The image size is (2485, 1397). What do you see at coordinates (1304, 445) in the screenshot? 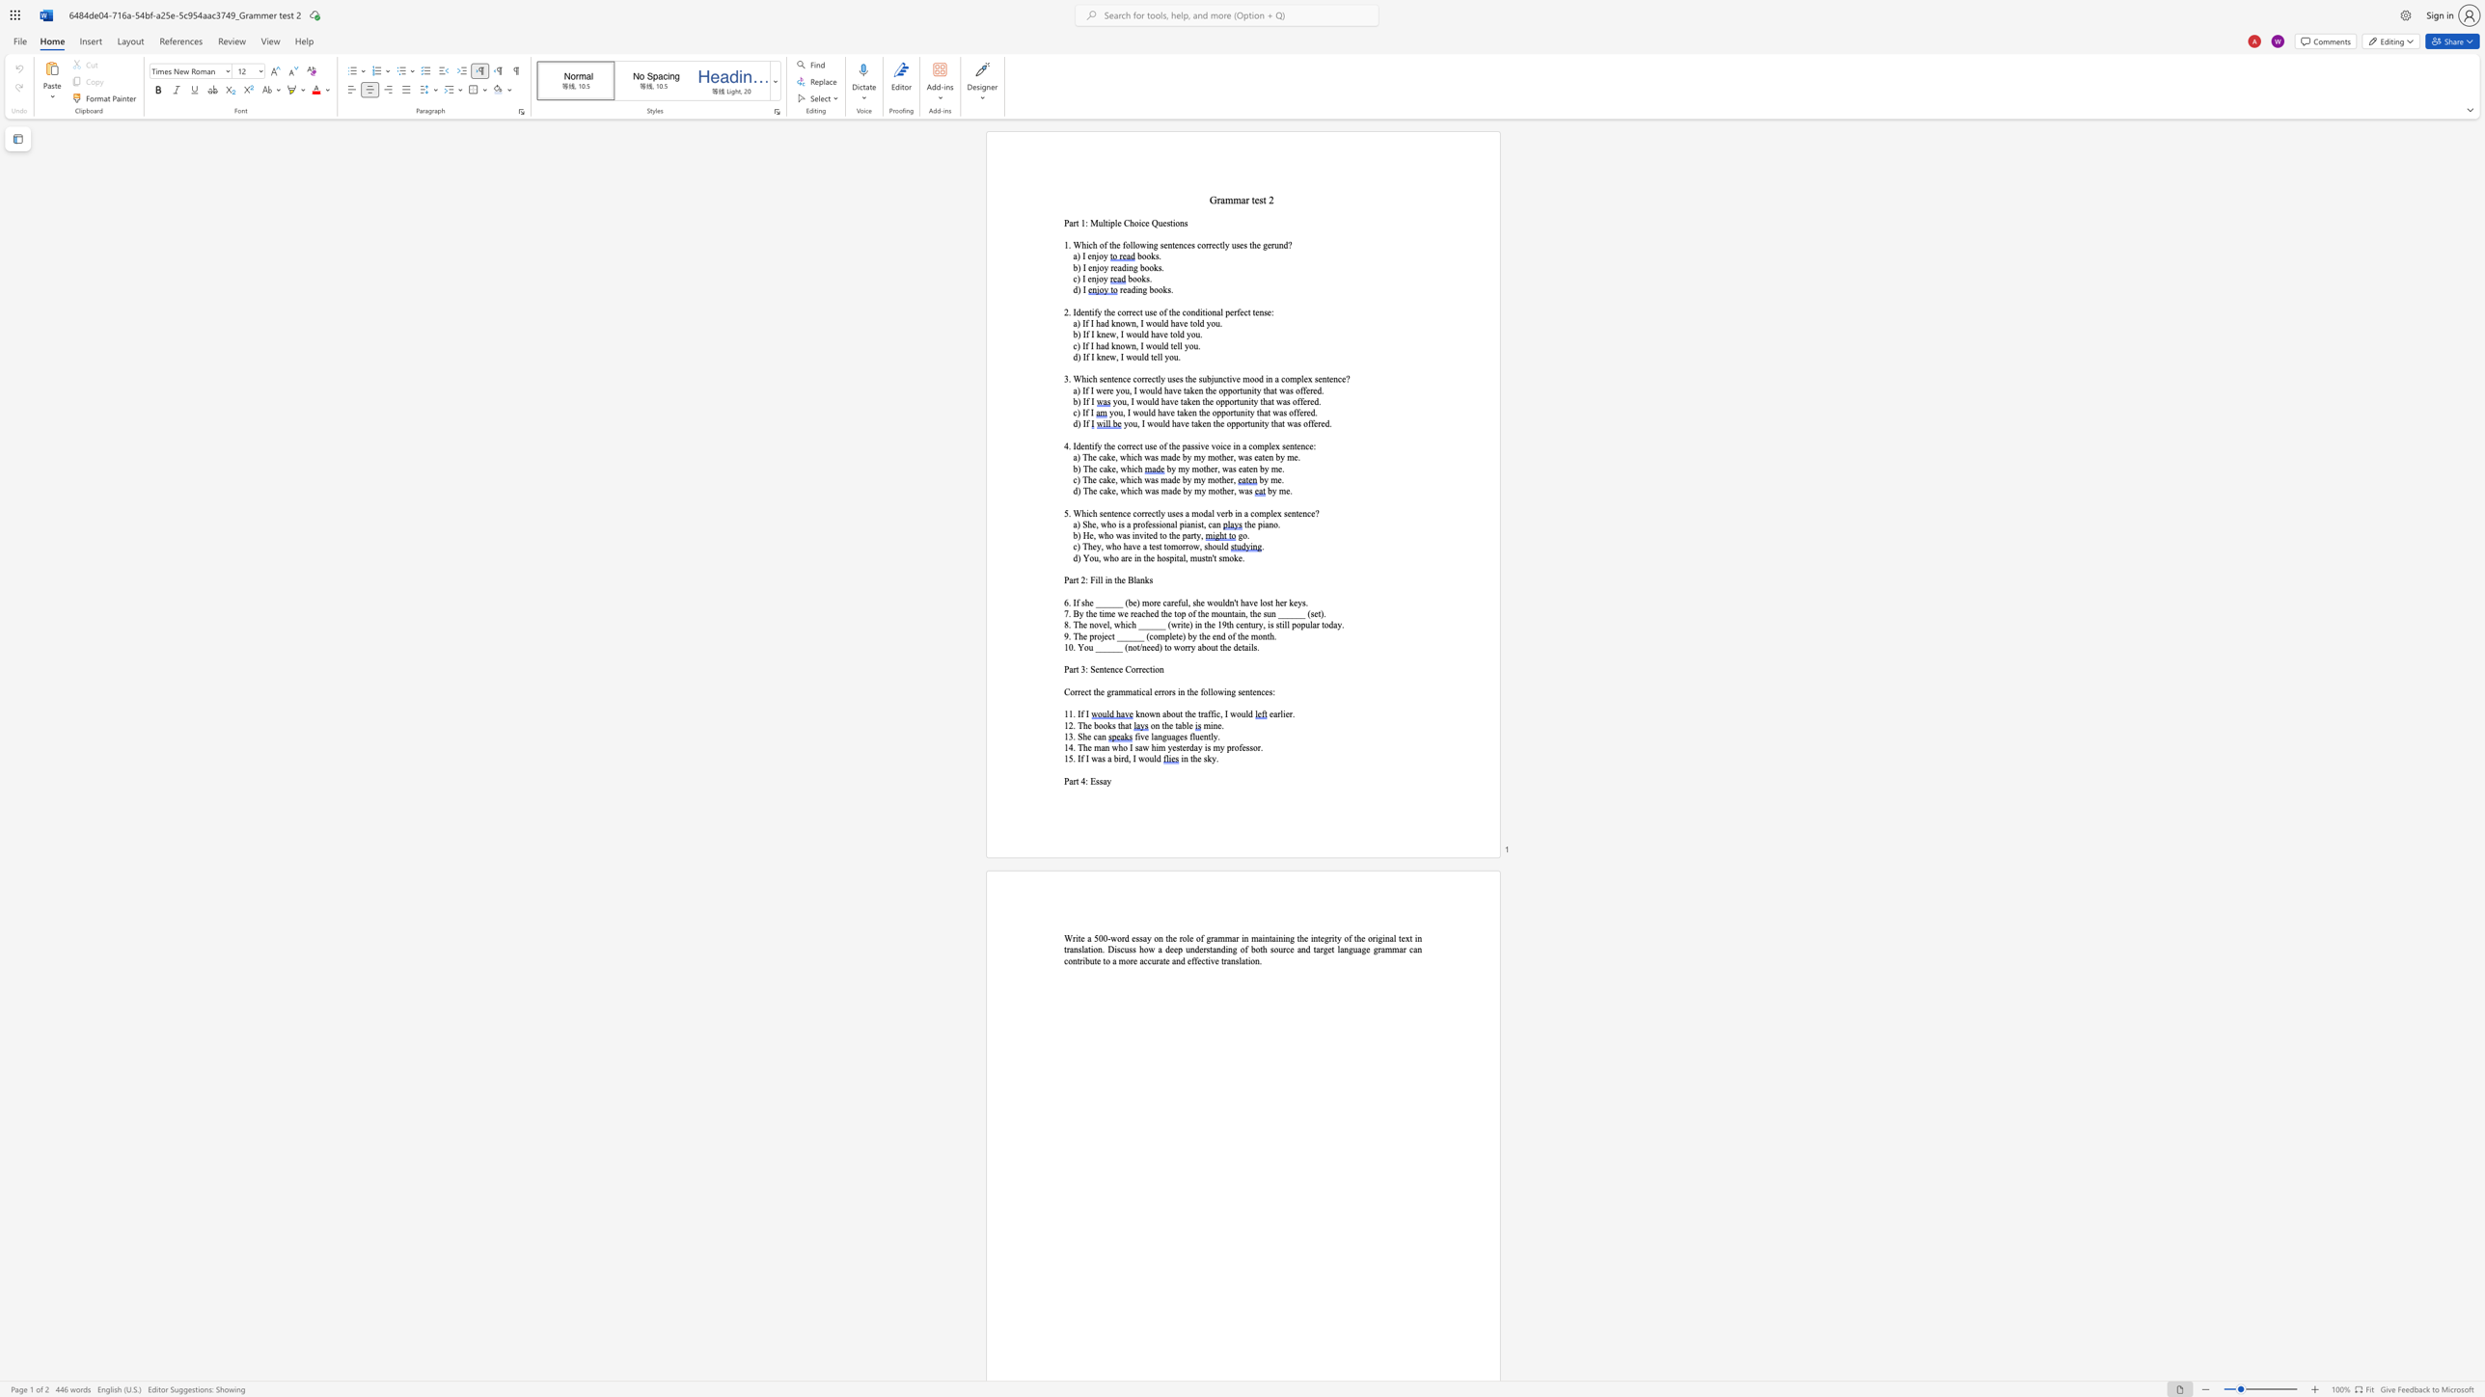
I see `the subset text "ce" within the text "the correct use of the passive voice in a complex sentence:"` at bounding box center [1304, 445].